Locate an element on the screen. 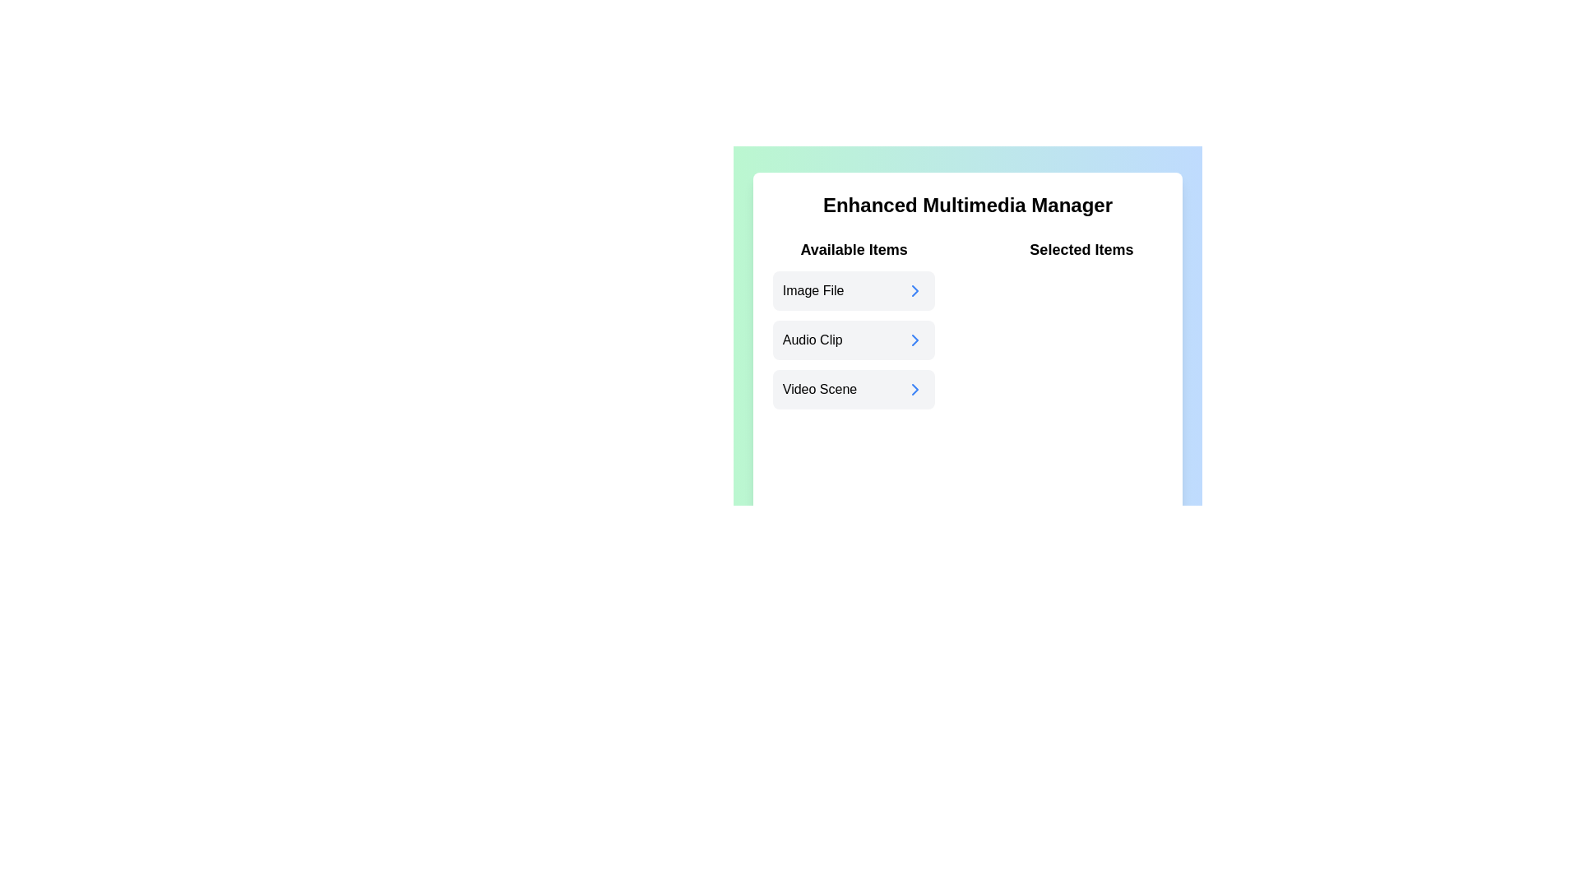 The image size is (1579, 888). the text component displaying 'Enhanced Multimedia Manager' is located at coordinates (967, 205).